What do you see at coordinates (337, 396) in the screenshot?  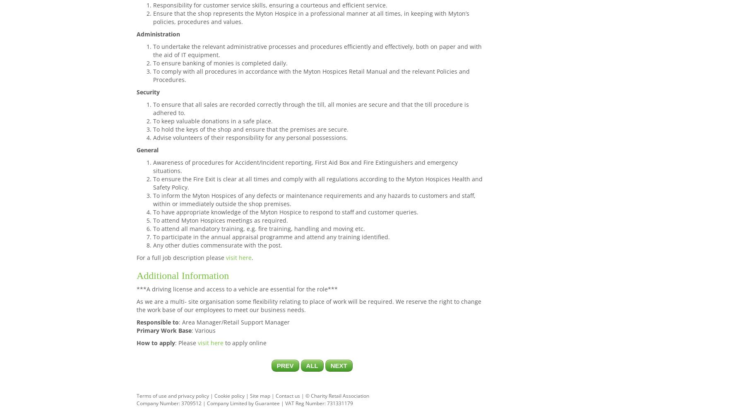 I see `'© Charity Retail Association'` at bounding box center [337, 396].